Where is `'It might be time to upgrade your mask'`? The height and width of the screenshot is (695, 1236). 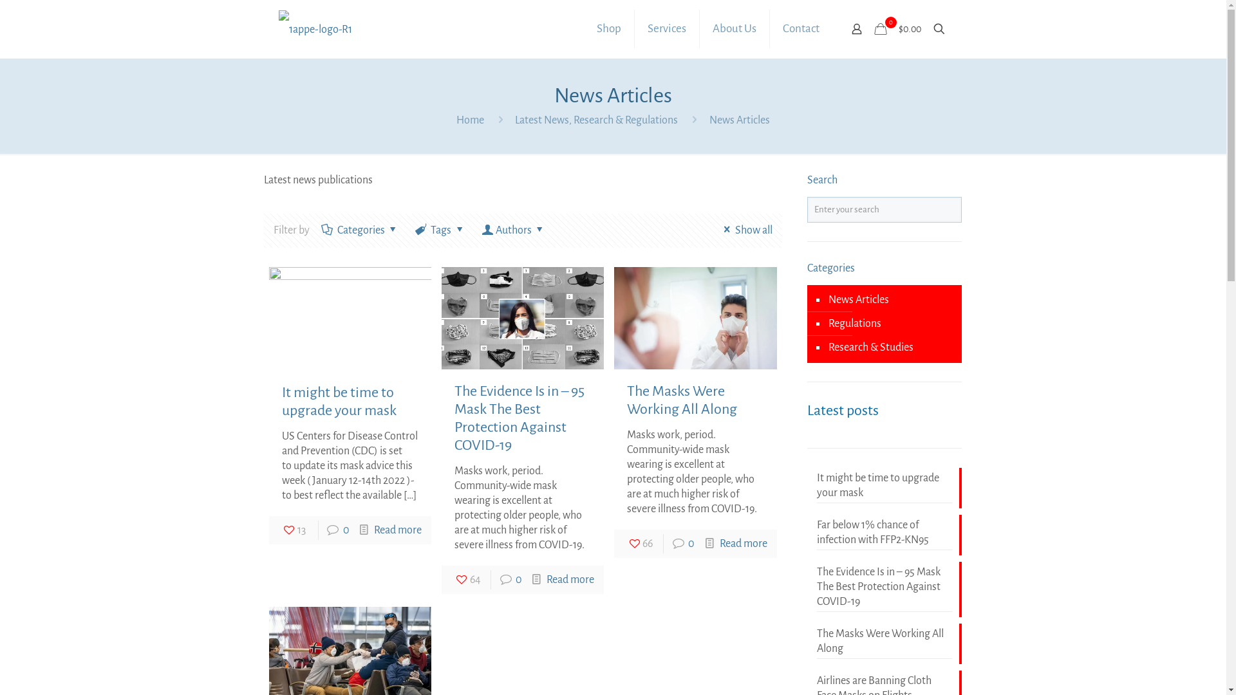
'It might be time to upgrade your mask' is located at coordinates (339, 401).